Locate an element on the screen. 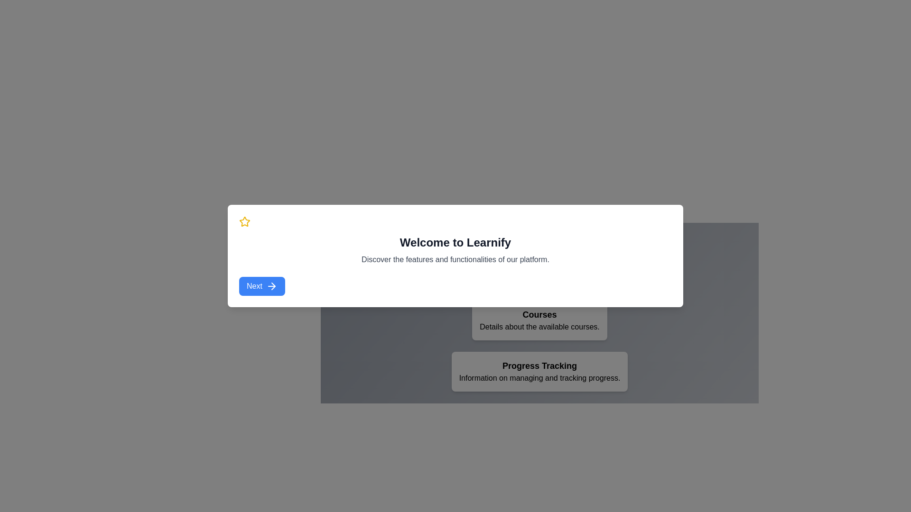 This screenshot has width=911, height=512. the text element that contains the content 'Discover the features and functionalities of our platform,' which is styled in gray and positioned below the heading 'Welcome to Learnify.' is located at coordinates (455, 259).